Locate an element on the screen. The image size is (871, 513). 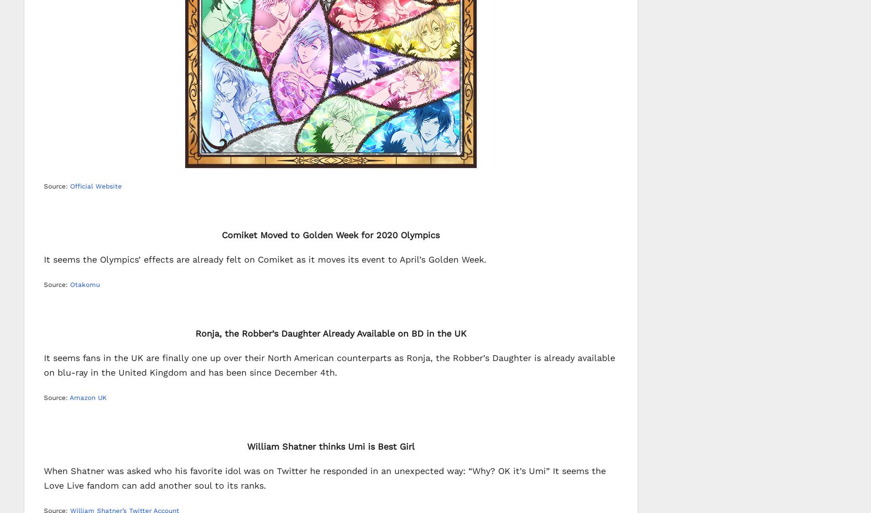
'Otakomu' is located at coordinates (85, 284).